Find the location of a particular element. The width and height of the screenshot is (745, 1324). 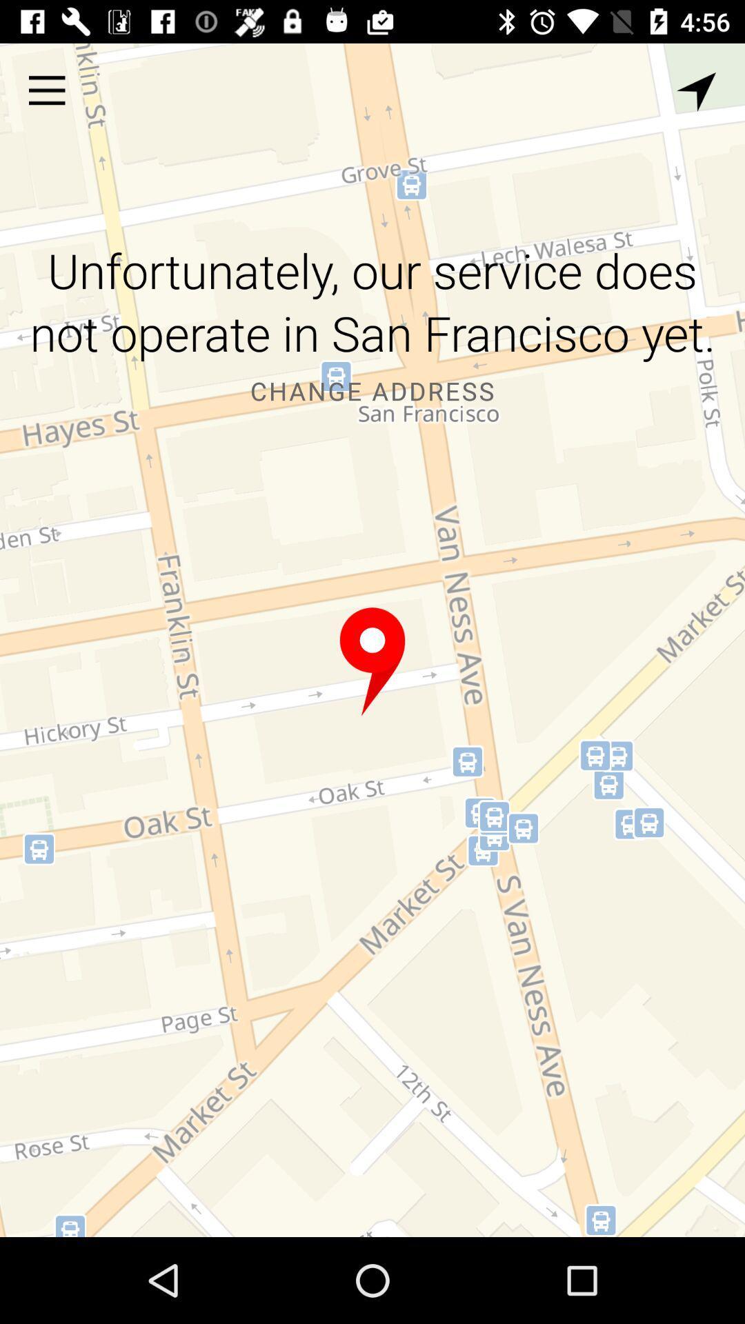

the menu icon is located at coordinates (46, 90).